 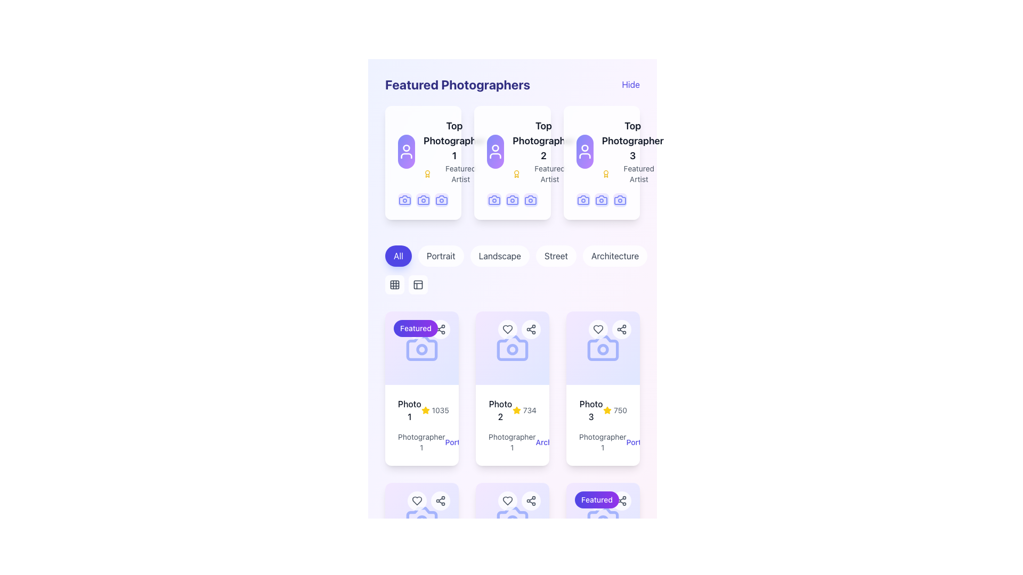 What do you see at coordinates (543, 152) in the screenshot?
I see `the Text Display with Icon that denotes the title and designation of a top photographer, which is located in the center column of the 'Featured Photographers' section, specifically the second card among three similar cards` at bounding box center [543, 152].